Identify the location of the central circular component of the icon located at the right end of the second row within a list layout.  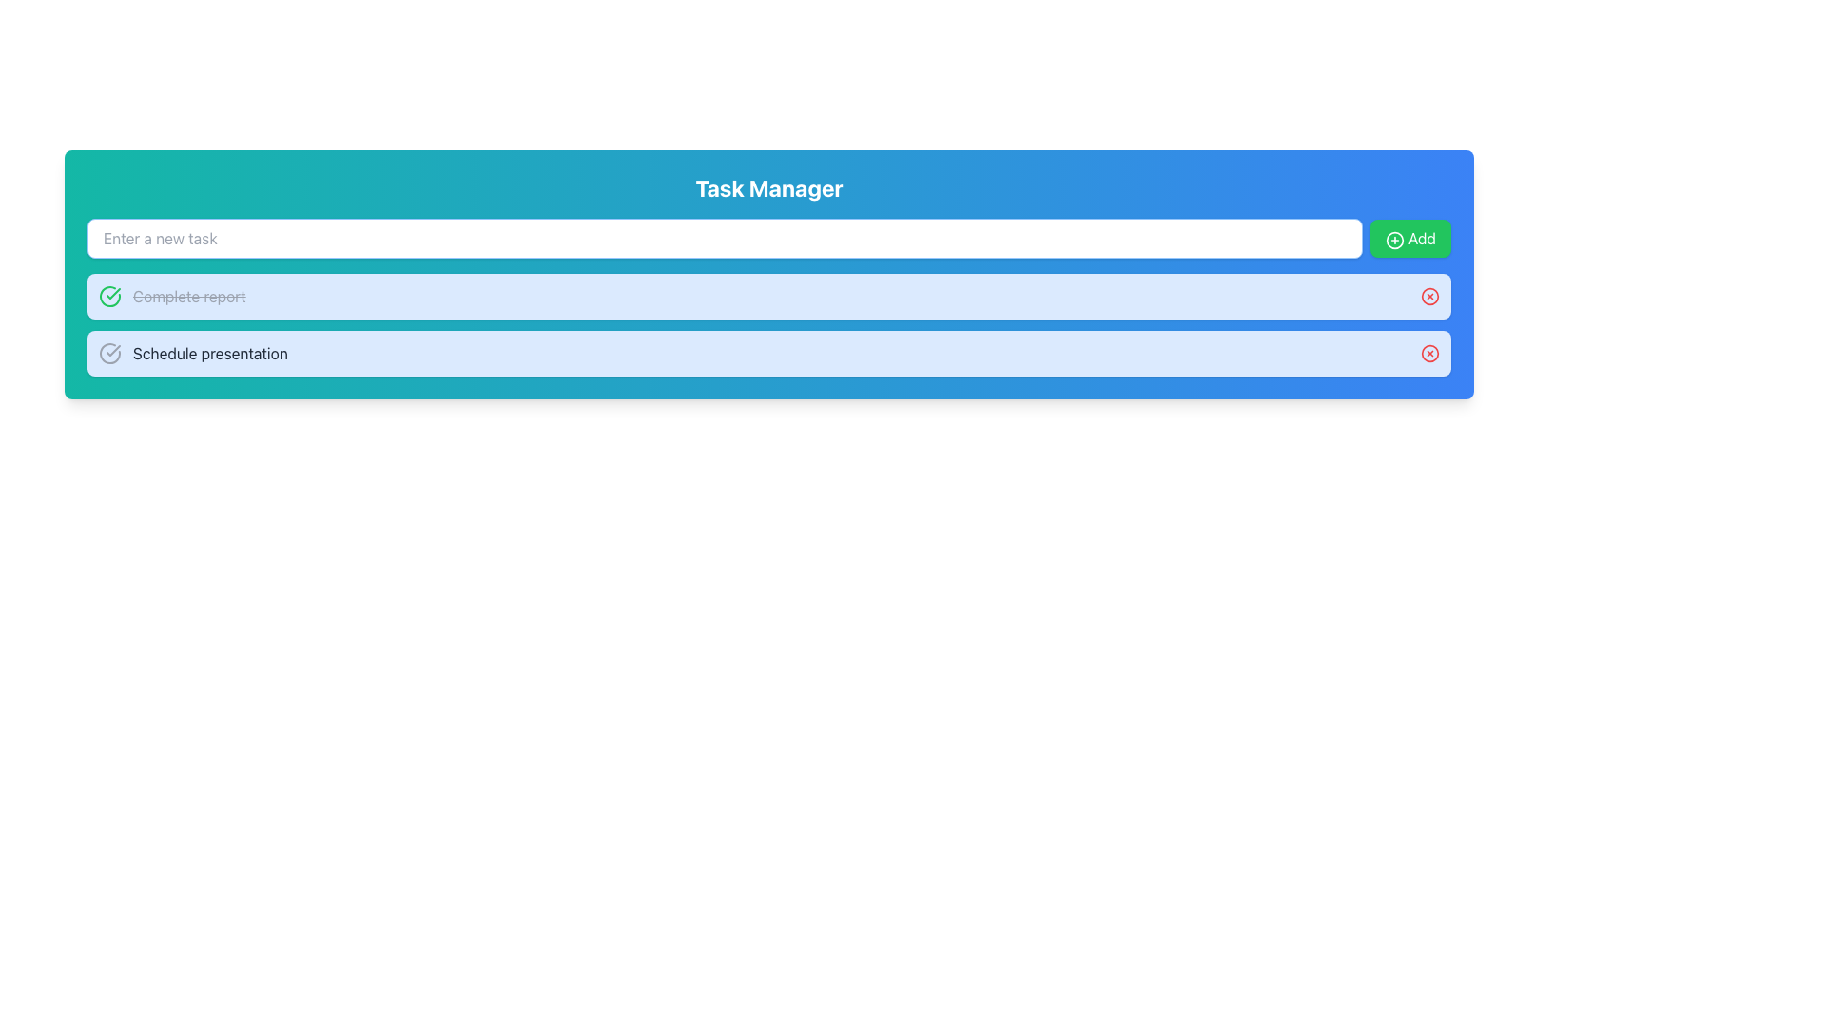
(1429, 353).